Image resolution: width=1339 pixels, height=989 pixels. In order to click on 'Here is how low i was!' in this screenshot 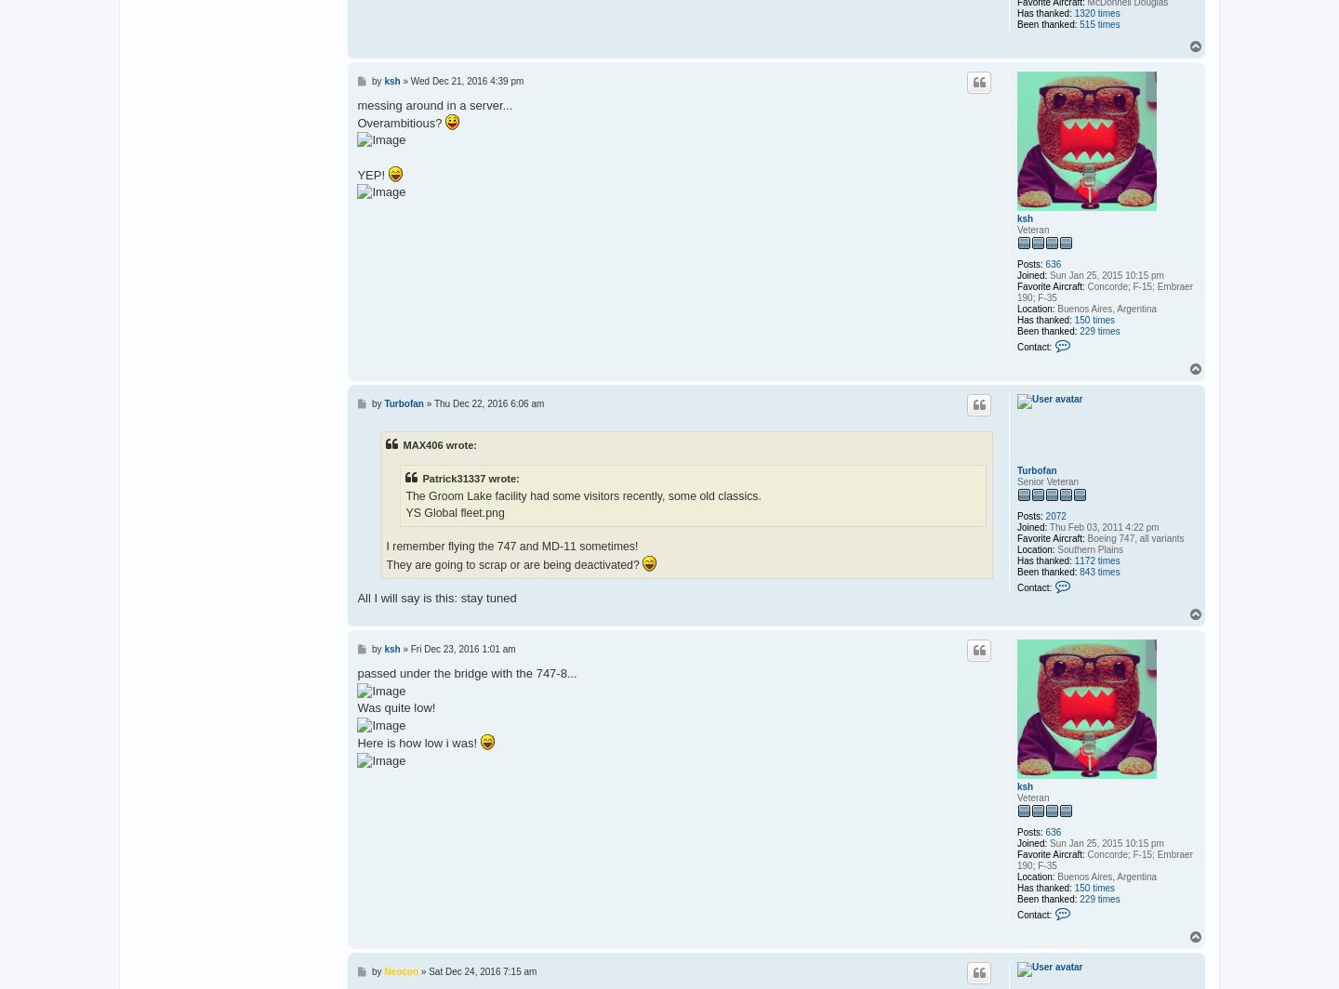, I will do `click(418, 742)`.